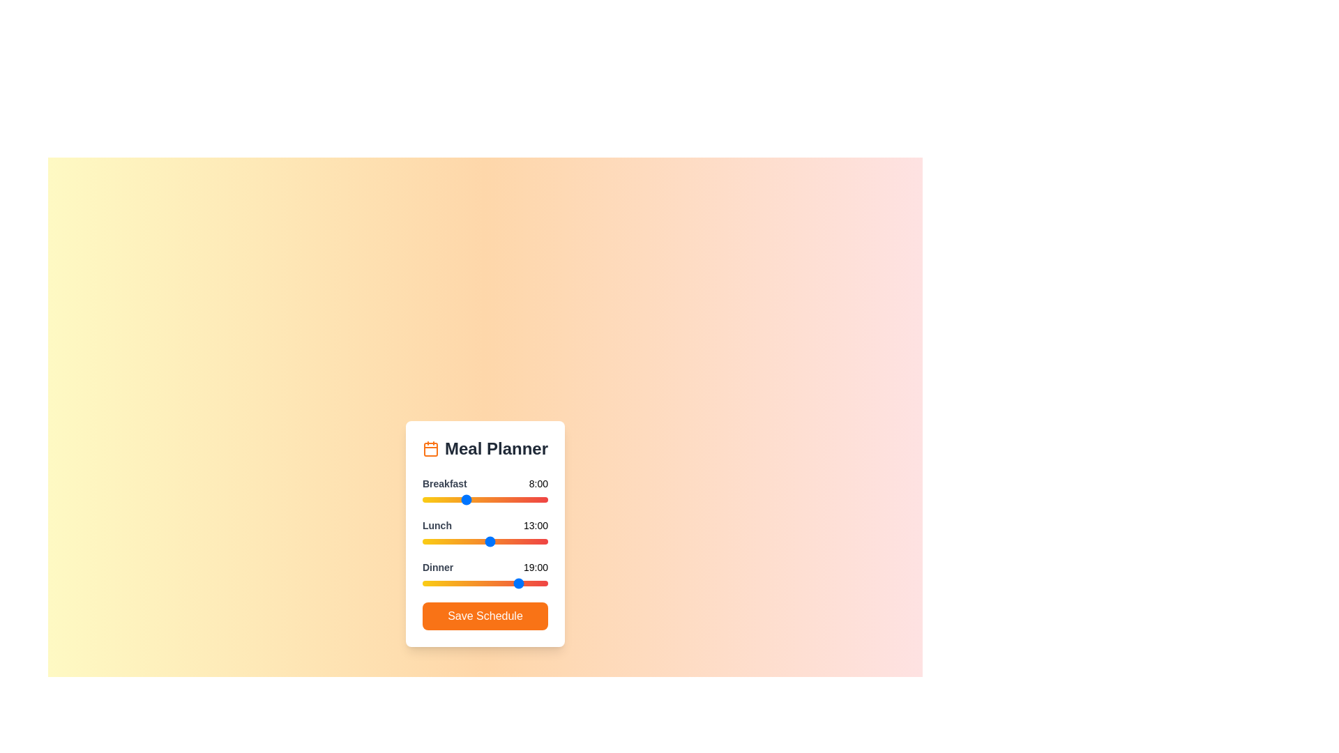 This screenshot has height=753, width=1339. Describe the element at coordinates (437, 540) in the screenshot. I see `the 1 slider to 3` at that location.